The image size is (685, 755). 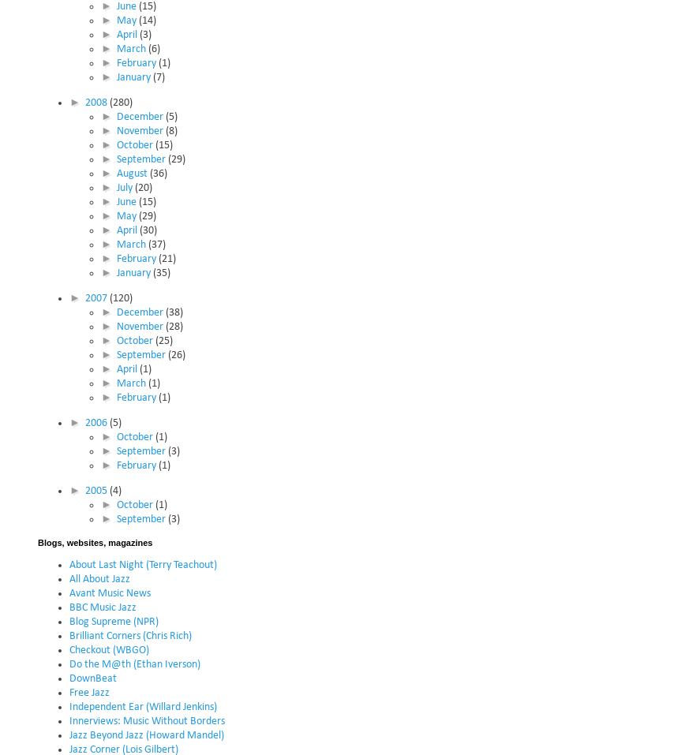 I want to click on '2005', so click(x=84, y=489).